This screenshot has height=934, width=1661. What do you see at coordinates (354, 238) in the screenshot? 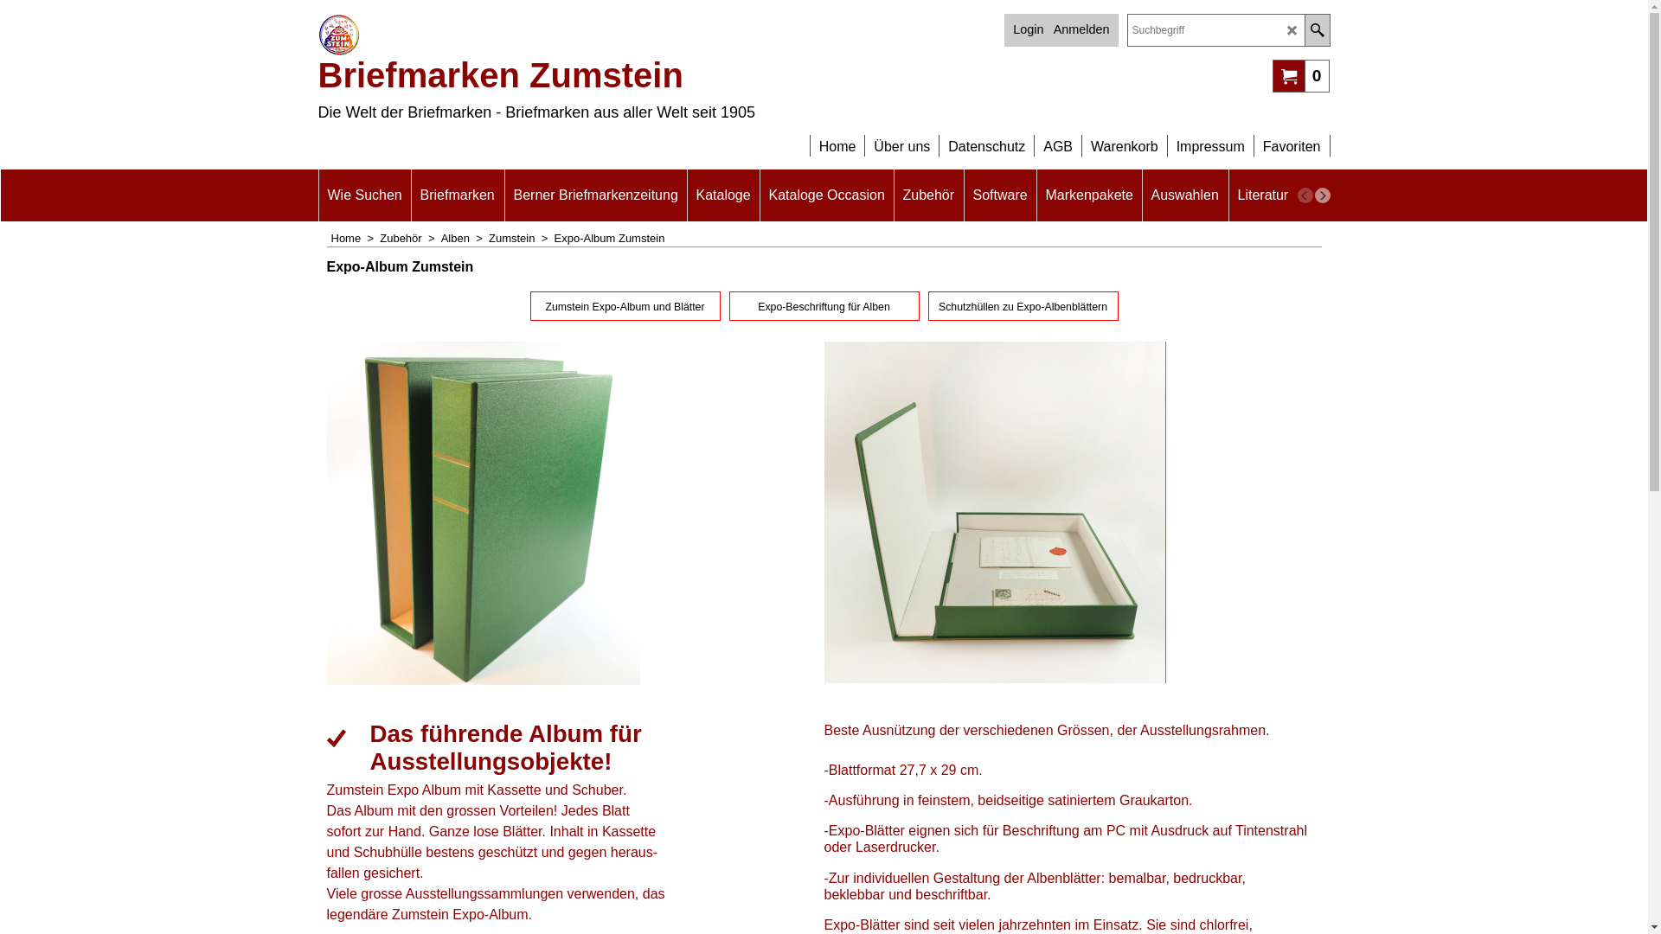
I see `'Home  > '` at bounding box center [354, 238].